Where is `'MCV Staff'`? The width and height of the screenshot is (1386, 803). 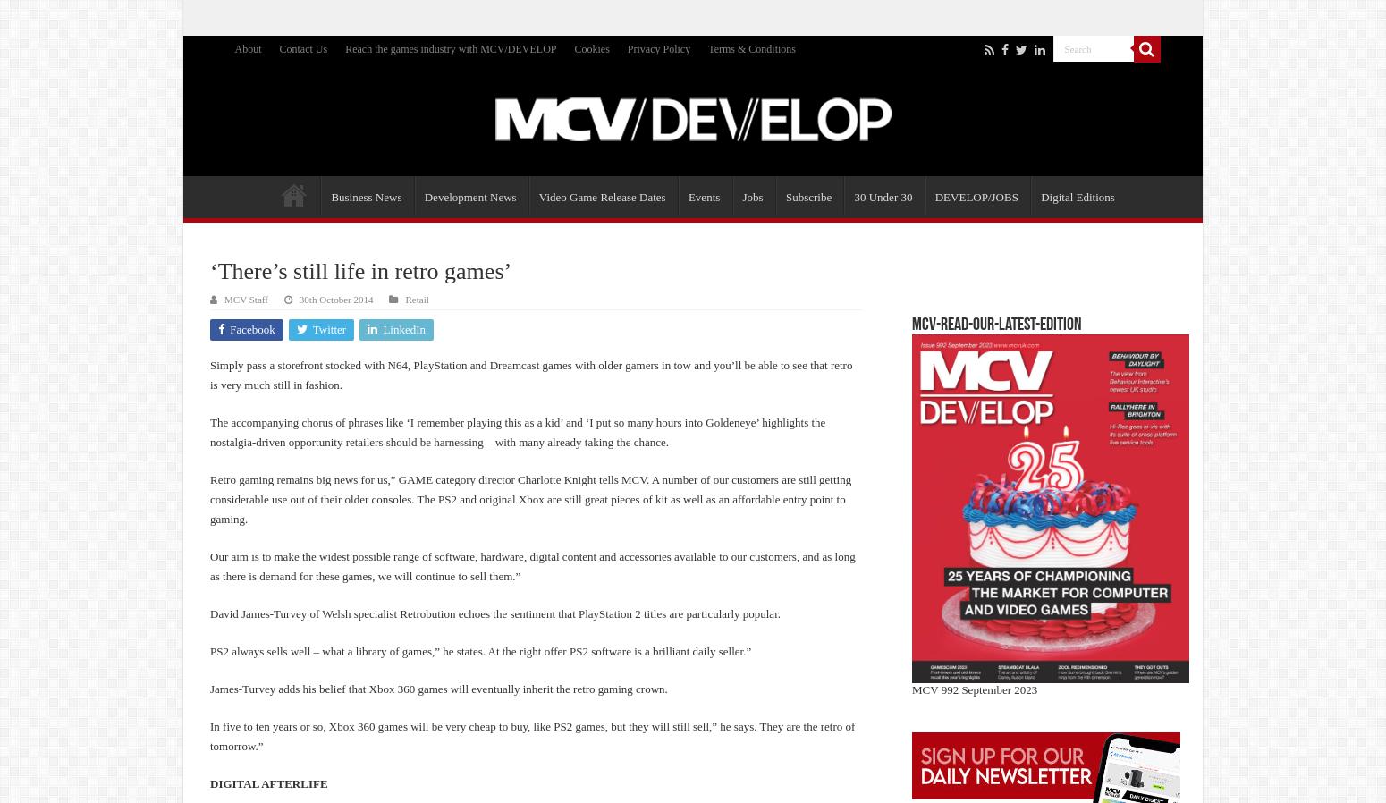 'MCV Staff' is located at coordinates (224, 300).